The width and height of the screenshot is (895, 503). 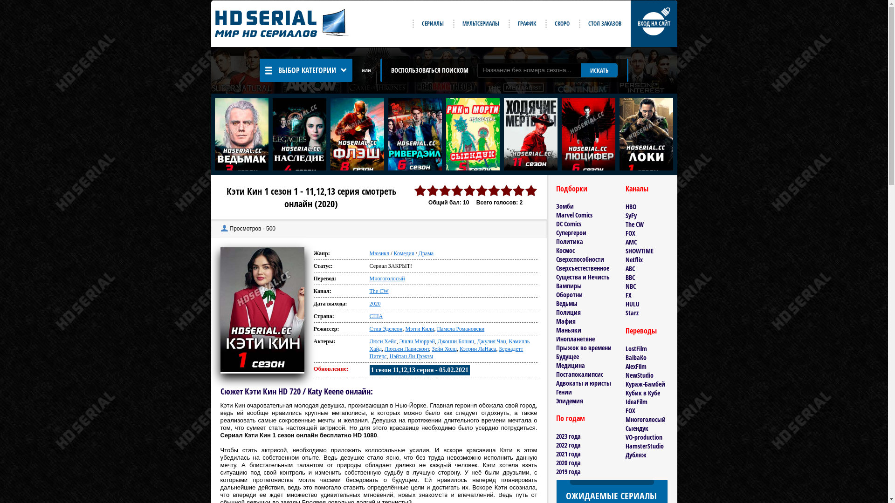 I want to click on 'The CW', so click(x=379, y=290).